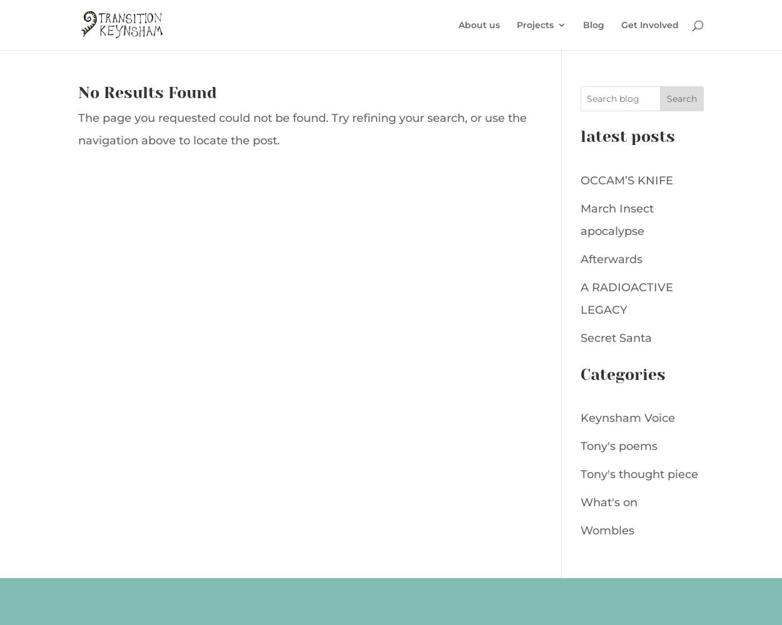 The image size is (782, 625). I want to click on 'Search', so click(666, 99).